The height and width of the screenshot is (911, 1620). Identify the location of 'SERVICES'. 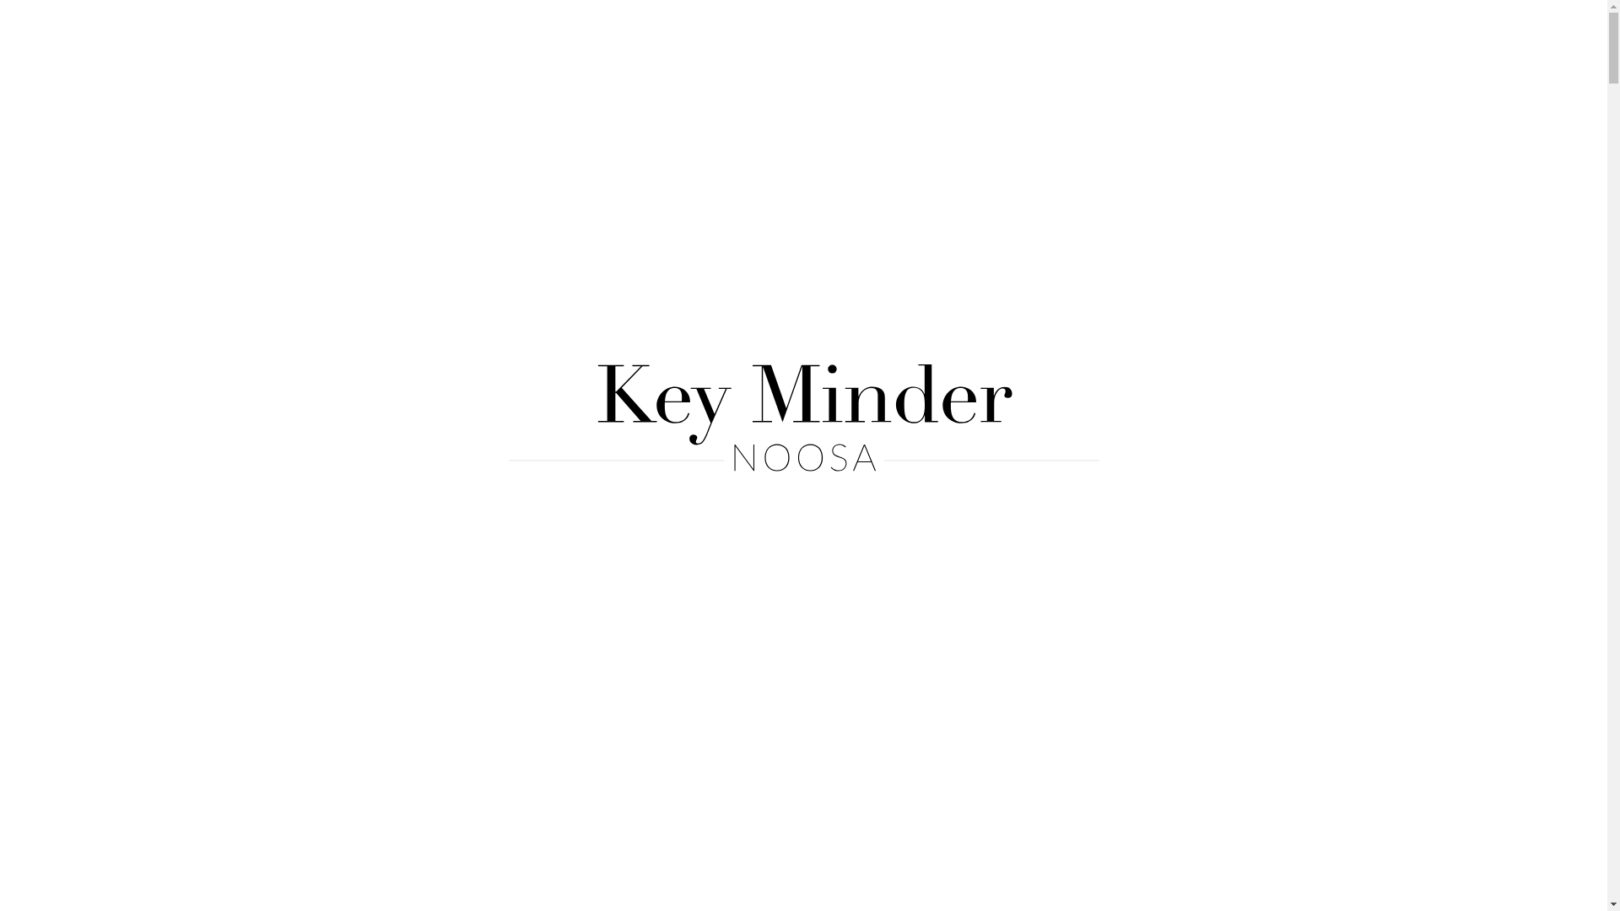
(1037, 30).